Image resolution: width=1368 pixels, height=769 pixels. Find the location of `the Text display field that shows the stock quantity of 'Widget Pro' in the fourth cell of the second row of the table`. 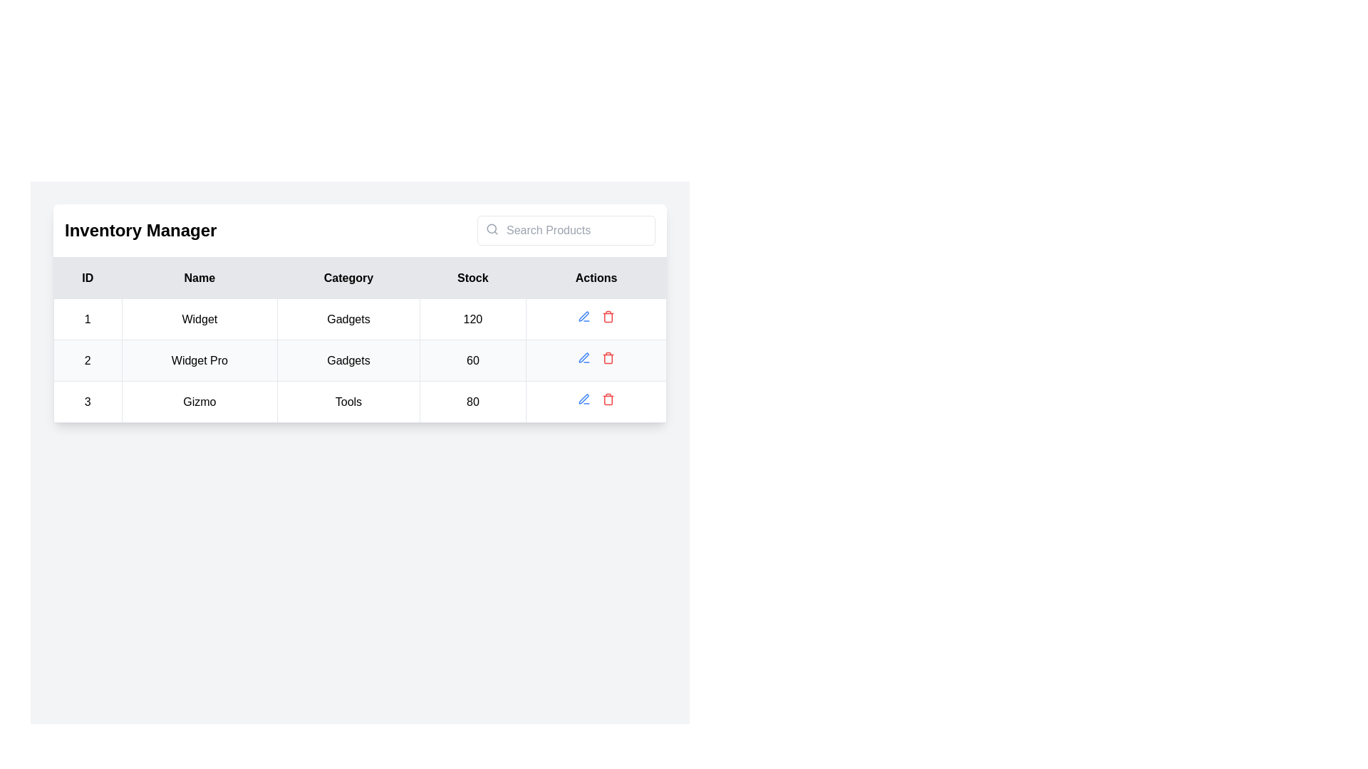

the Text display field that shows the stock quantity of 'Widget Pro' in the fourth cell of the second row of the table is located at coordinates (472, 360).